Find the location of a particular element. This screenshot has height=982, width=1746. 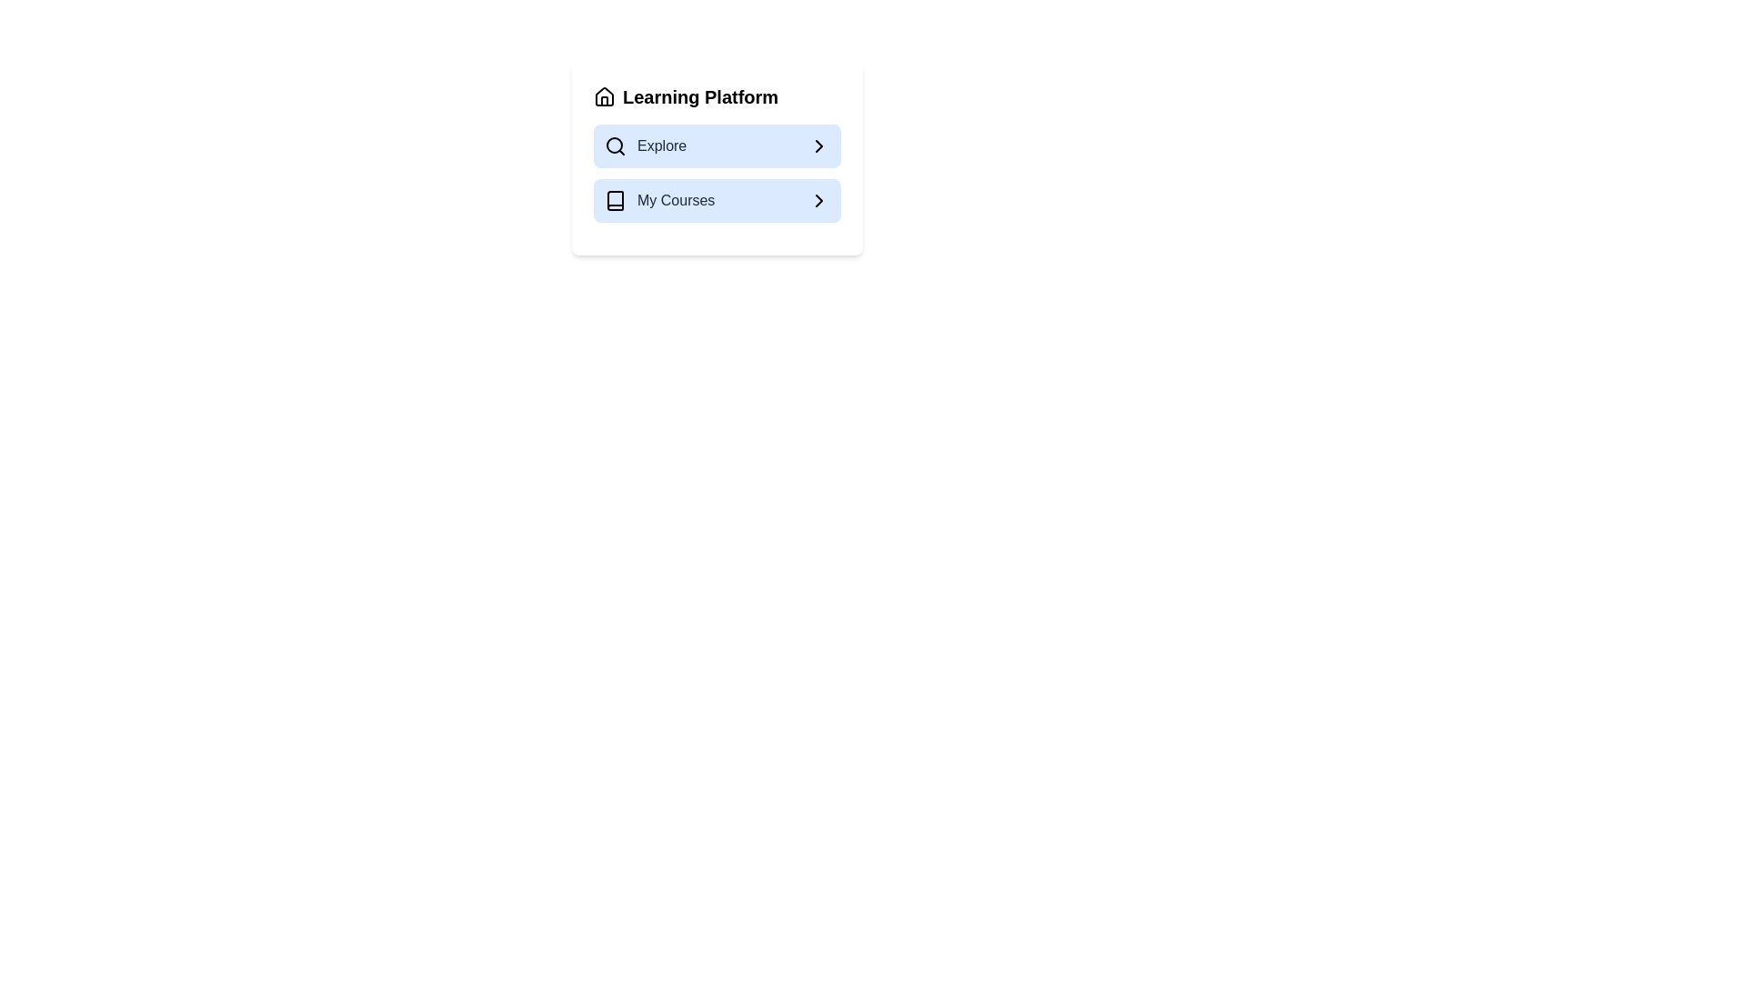

the book-like icon located to the left of 'My Courses' in the left navigation menu is located at coordinates (615, 200).